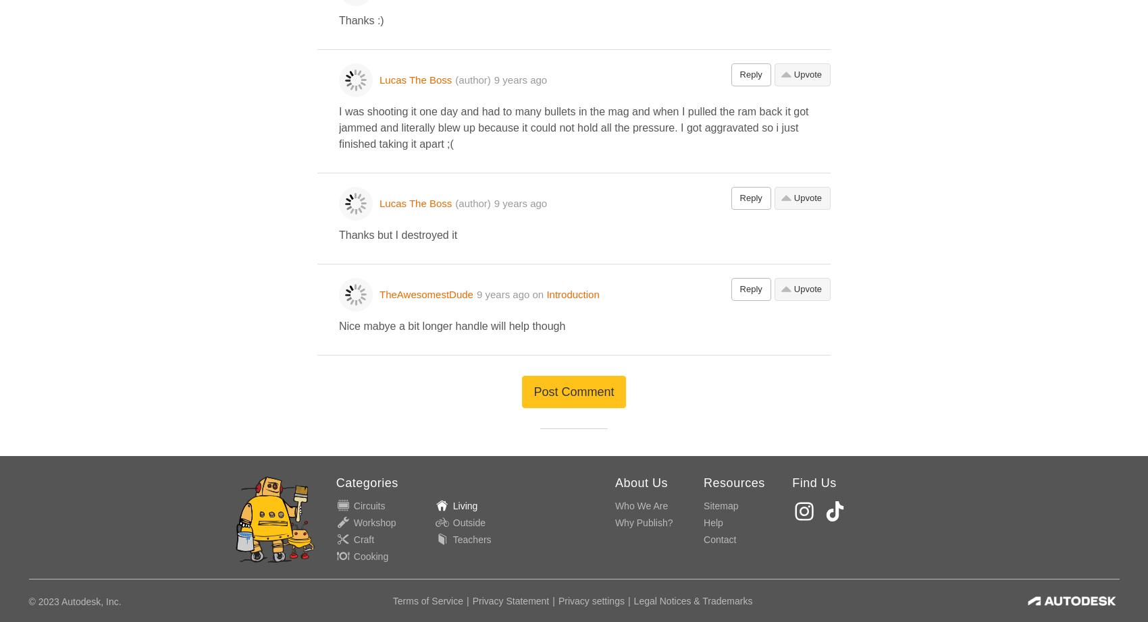  Describe the element at coordinates (392, 600) in the screenshot. I see `'Terms of Service'` at that location.